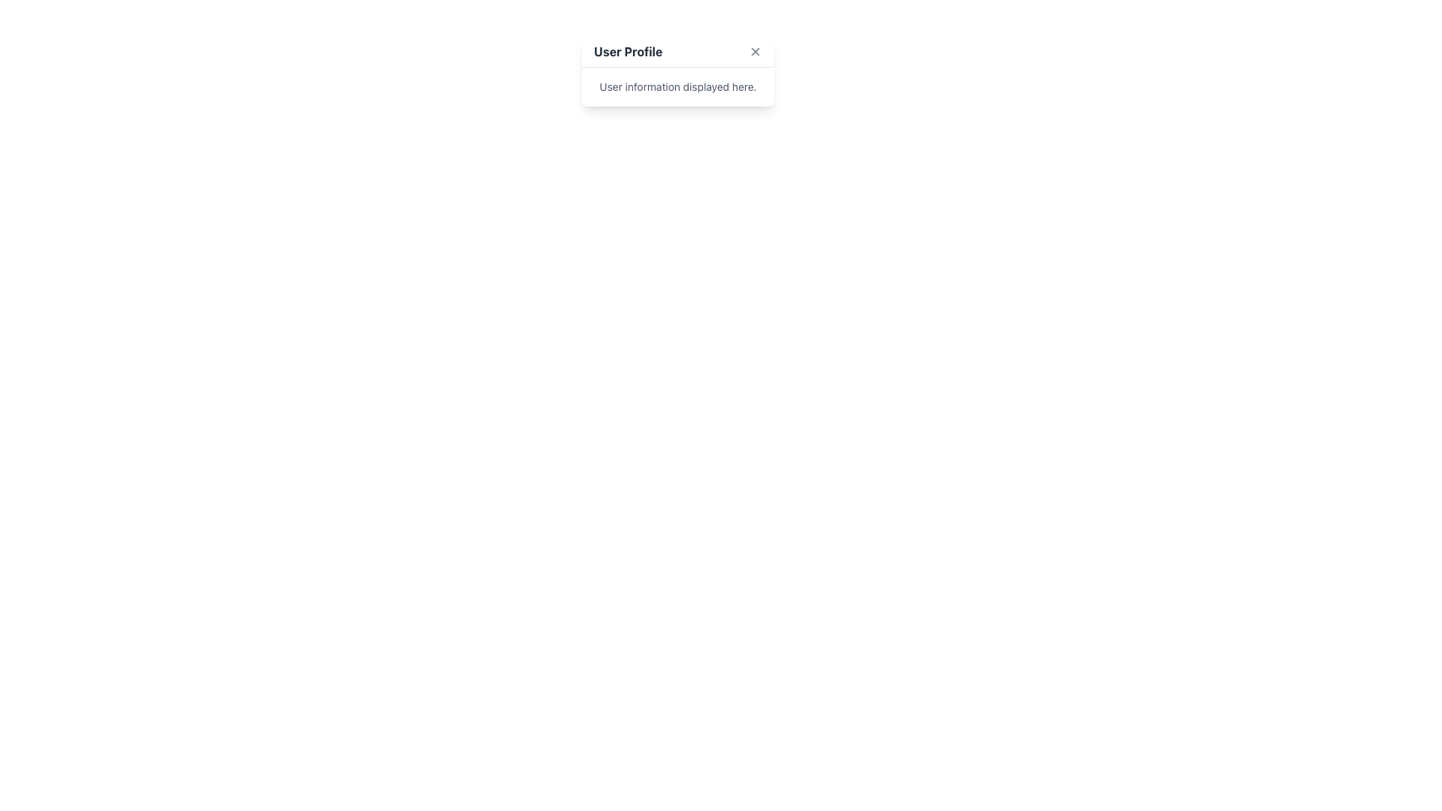  What do you see at coordinates (756, 50) in the screenshot?
I see `the close button located in the top-right corner of the 'User Profile' component` at bounding box center [756, 50].